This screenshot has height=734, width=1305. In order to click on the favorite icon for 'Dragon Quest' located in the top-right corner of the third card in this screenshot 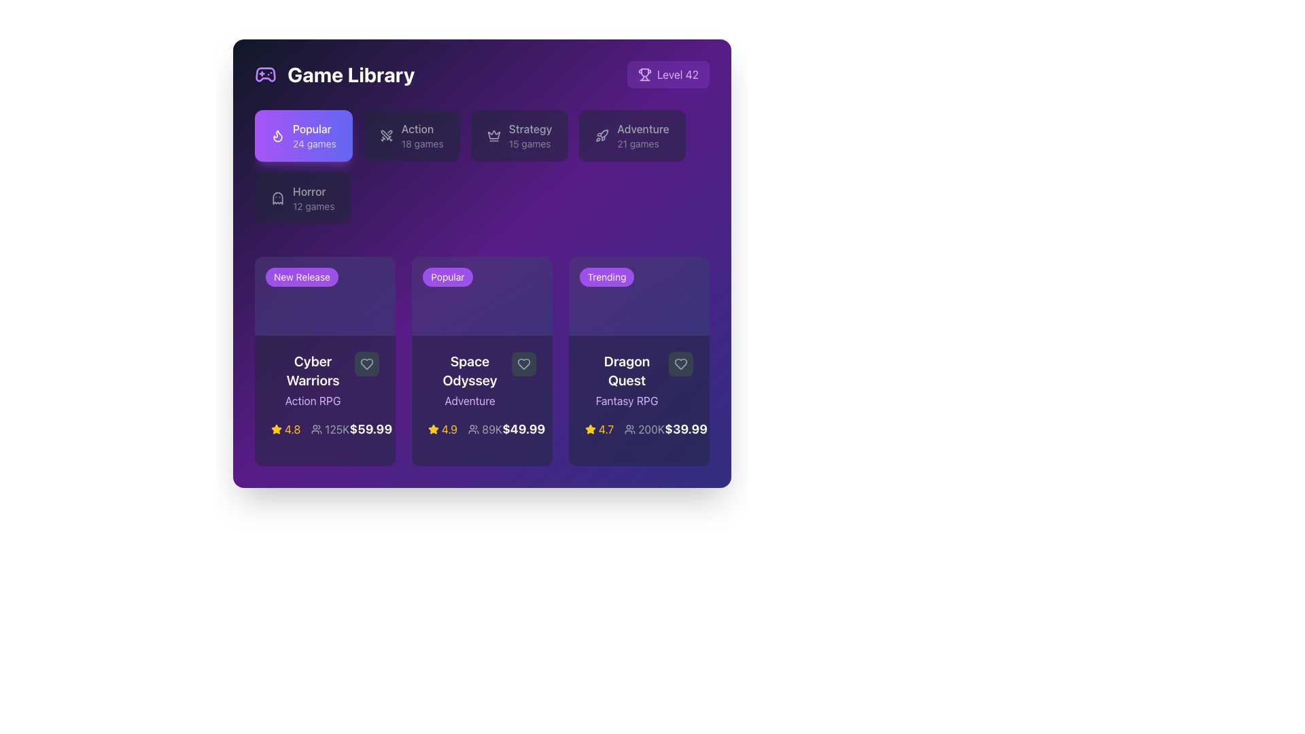, I will do `click(681, 364)`.